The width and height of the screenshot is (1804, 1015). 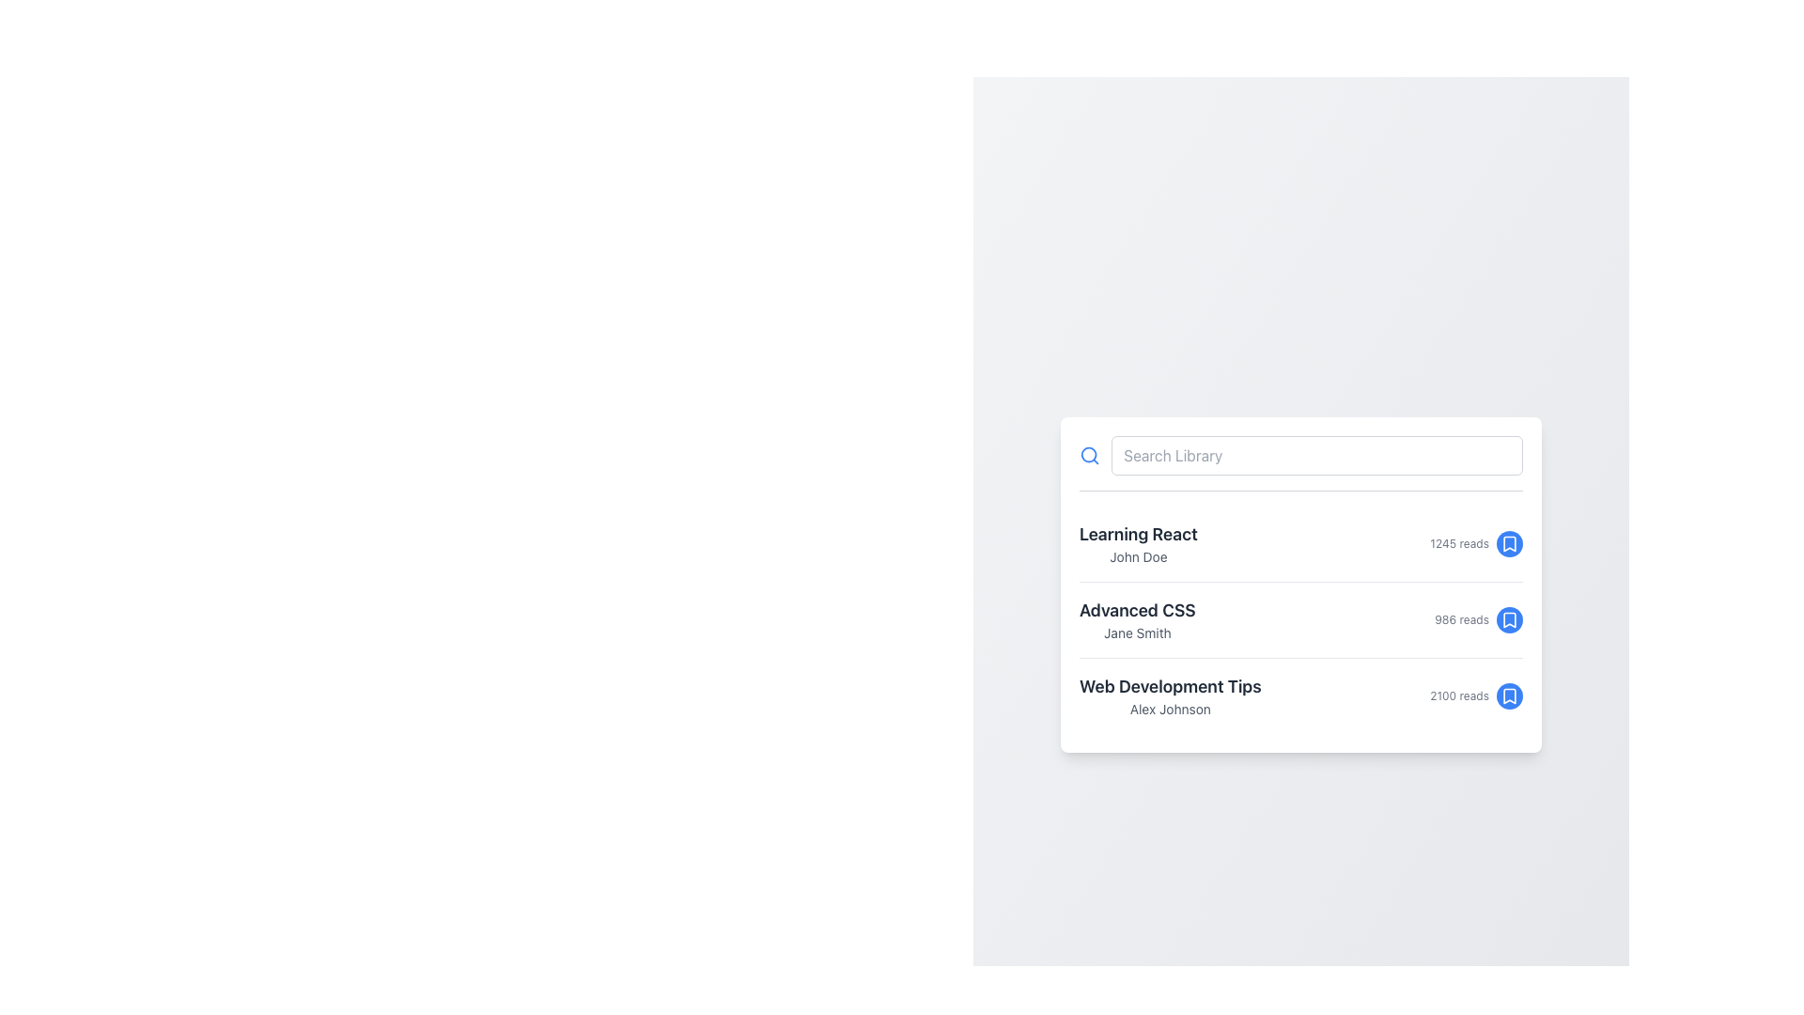 I want to click on the text label that serves as the title of a book or course, located in the second position of a vertical list, below 'Learning React' and above 'Web Development Tips', so click(x=1136, y=610).